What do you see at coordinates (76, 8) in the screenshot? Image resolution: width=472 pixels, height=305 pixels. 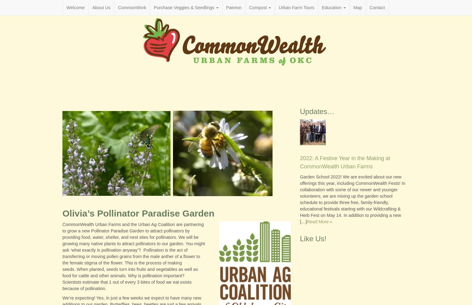 I see `'Welcome'` at bounding box center [76, 8].